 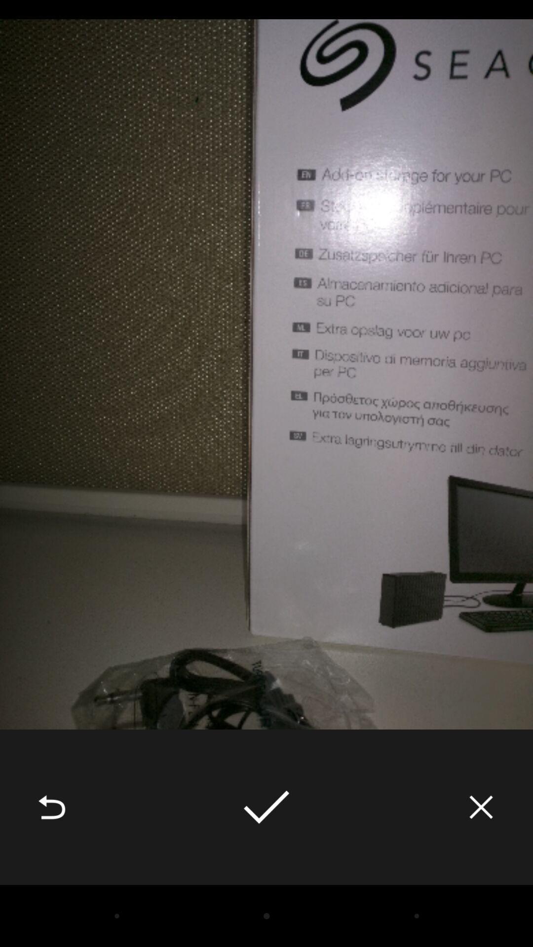 I want to click on icon at the bottom left corner, so click(x=51, y=807).